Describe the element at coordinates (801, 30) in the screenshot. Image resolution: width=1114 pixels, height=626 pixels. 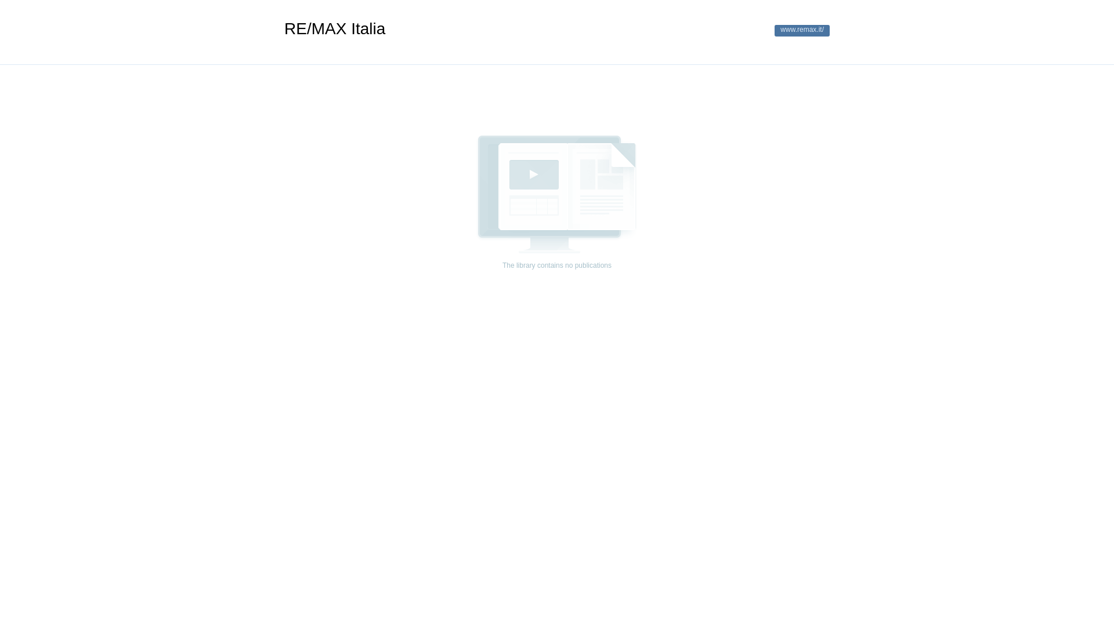
I see `'www.remax.it/'` at that location.